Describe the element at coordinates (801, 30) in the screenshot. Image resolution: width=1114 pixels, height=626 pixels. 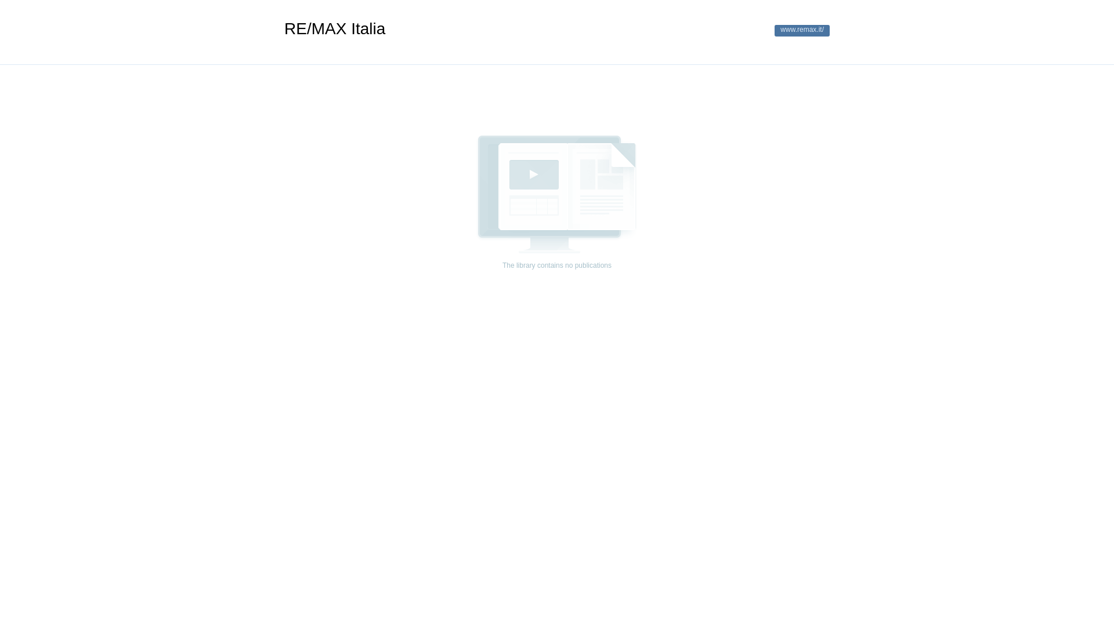
I see `'www.remax.it/'` at that location.